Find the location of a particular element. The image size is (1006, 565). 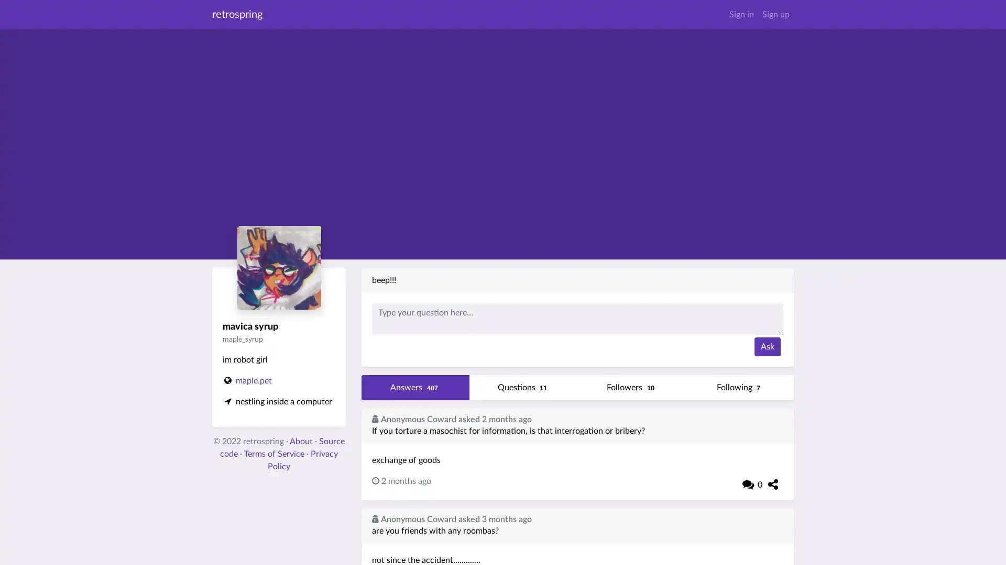

0 is located at coordinates (751, 484).